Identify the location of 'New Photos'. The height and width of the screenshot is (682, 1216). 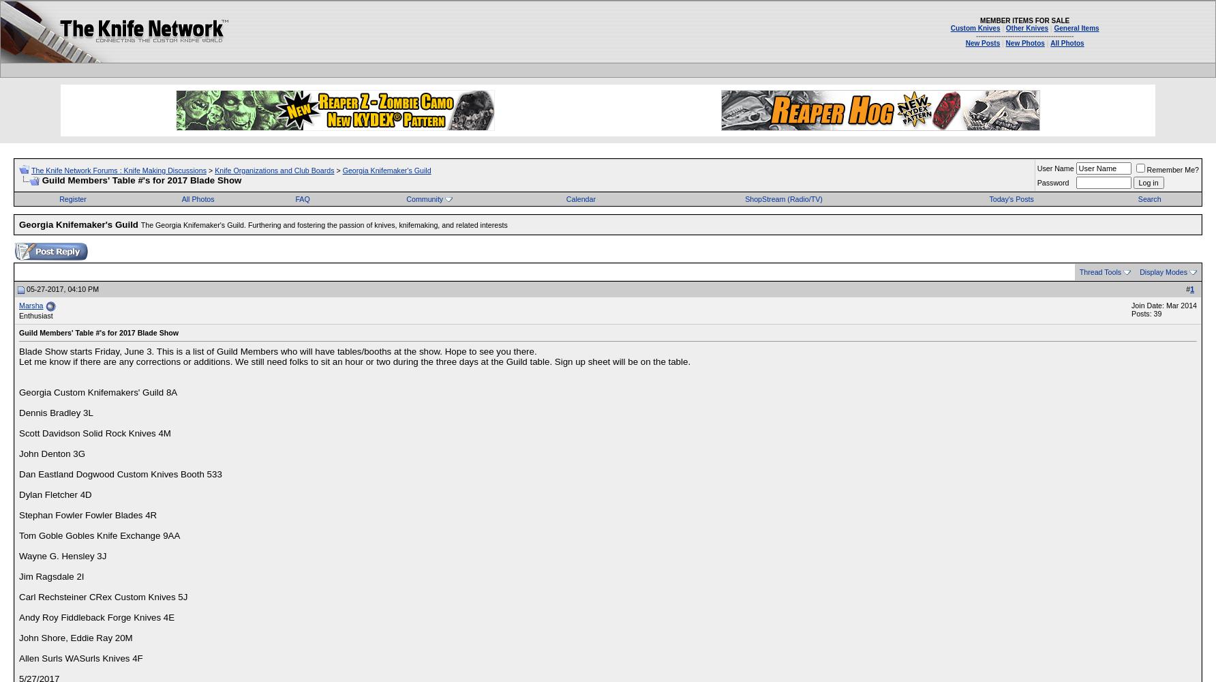
(1024, 42).